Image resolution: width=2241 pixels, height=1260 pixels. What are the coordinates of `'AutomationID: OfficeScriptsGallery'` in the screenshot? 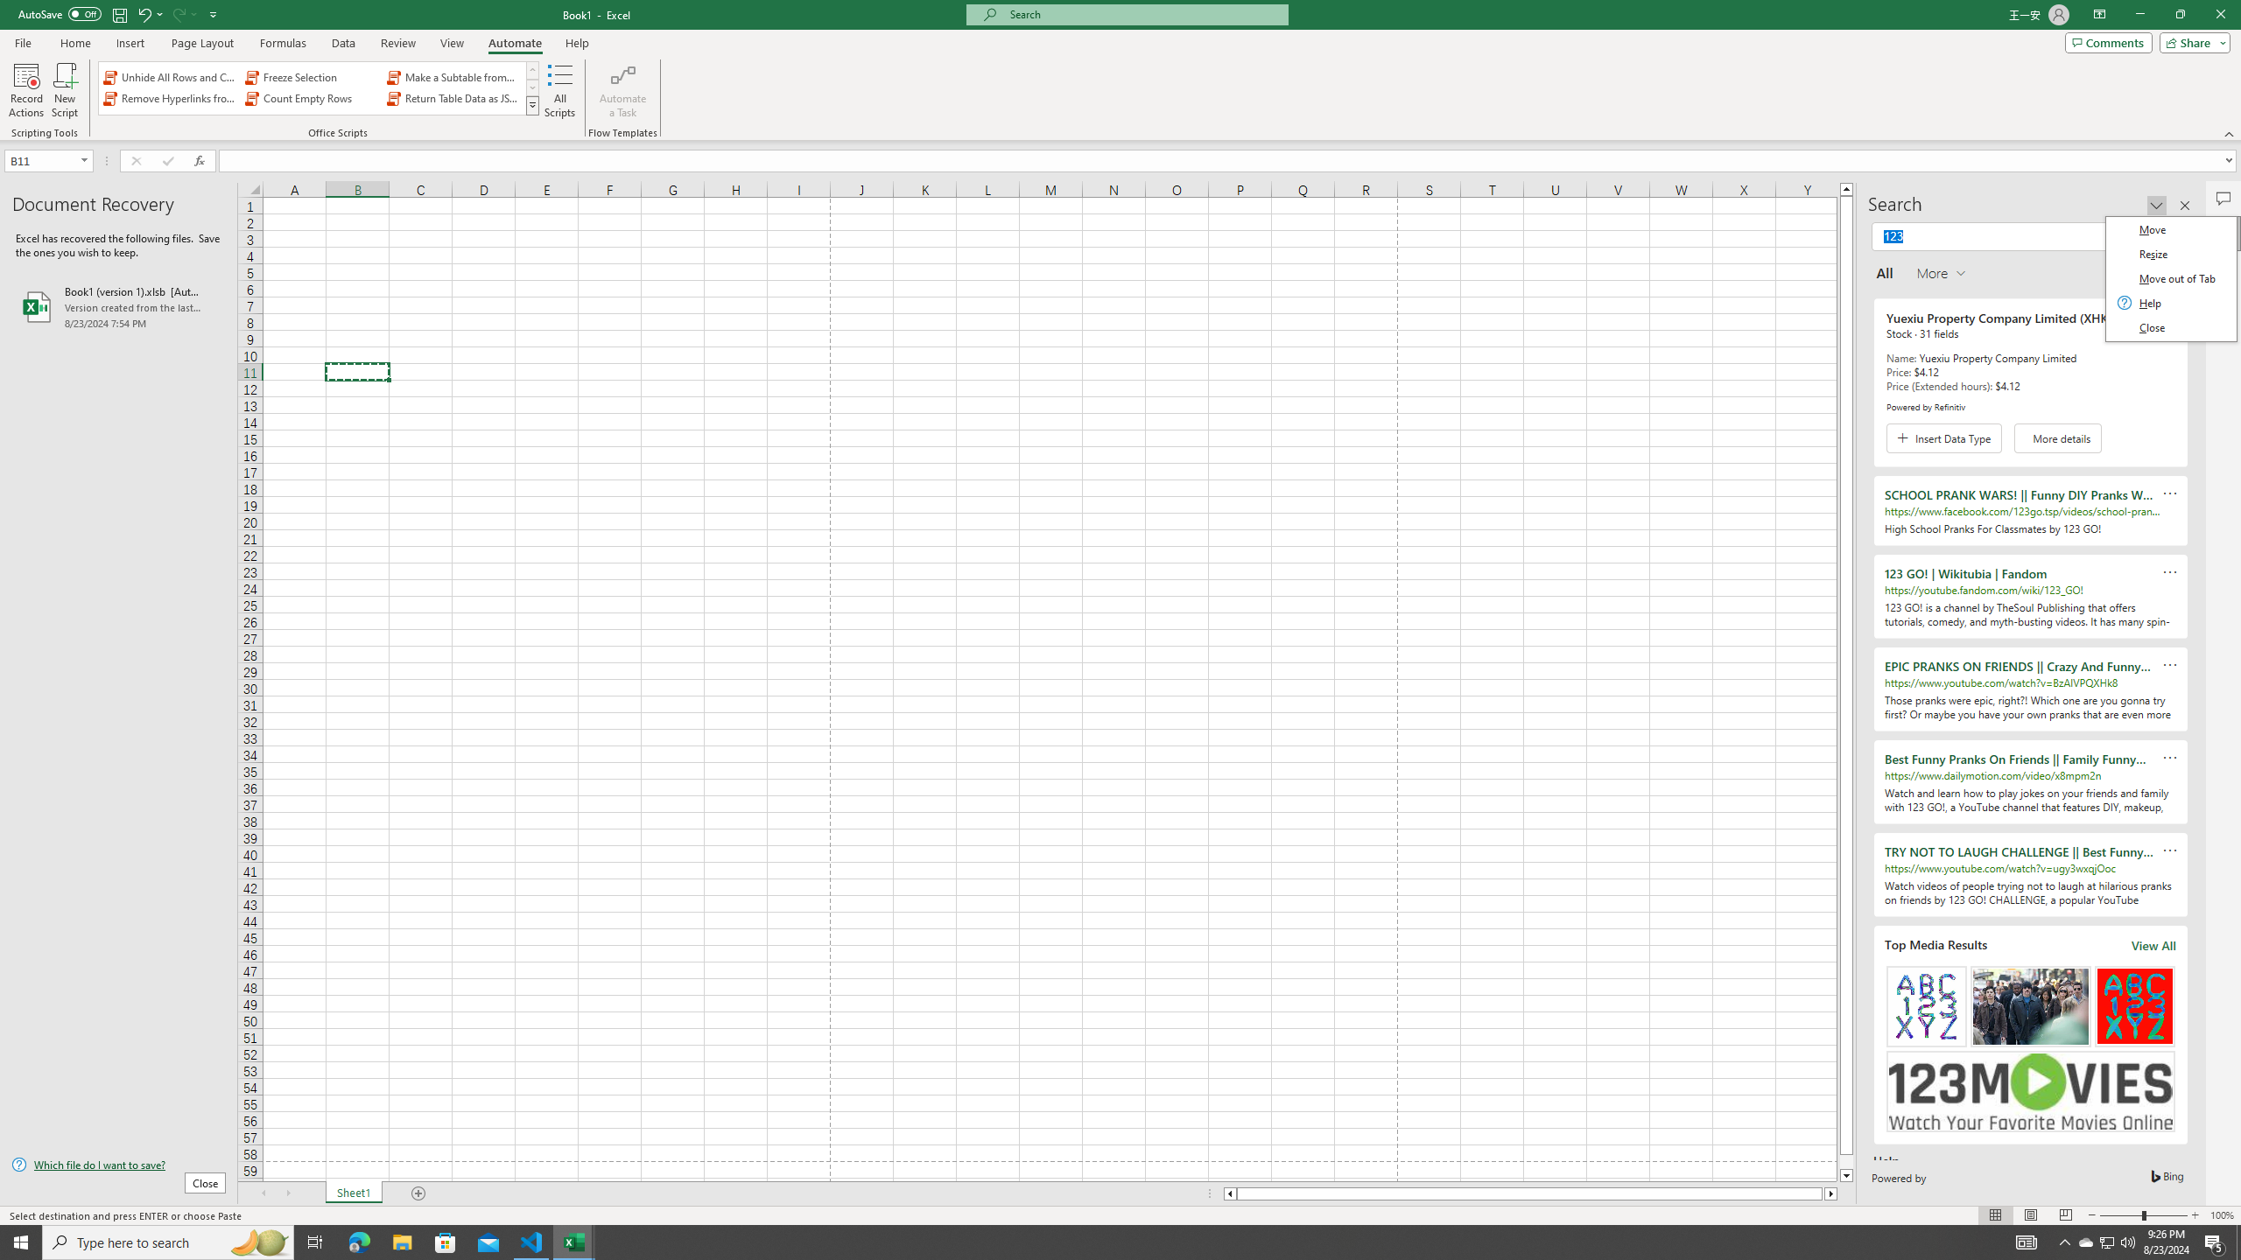 It's located at (318, 87).